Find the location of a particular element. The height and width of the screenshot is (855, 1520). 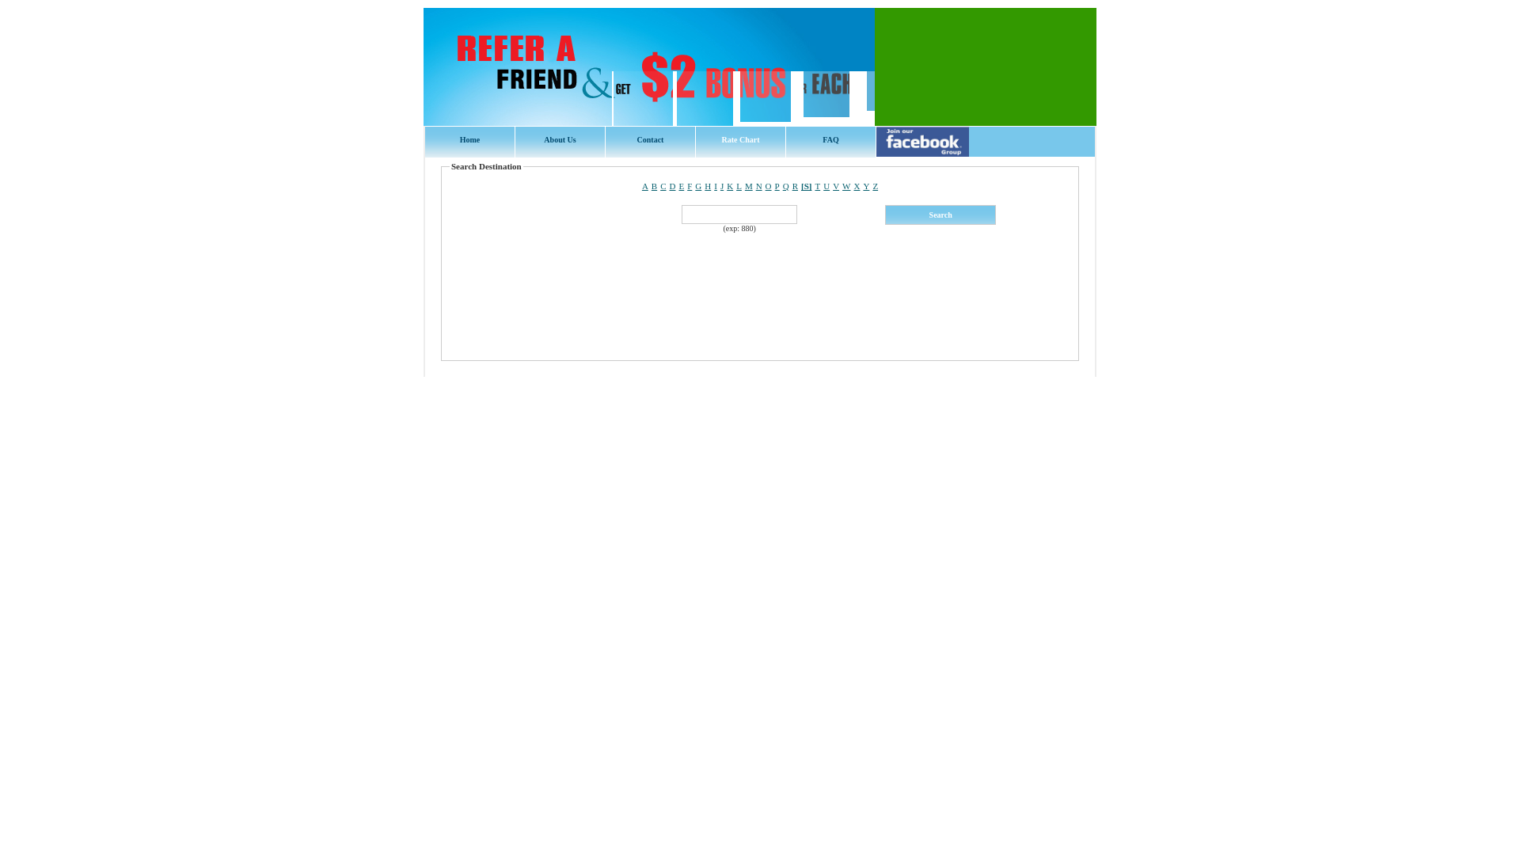

'R' is located at coordinates (795, 185).